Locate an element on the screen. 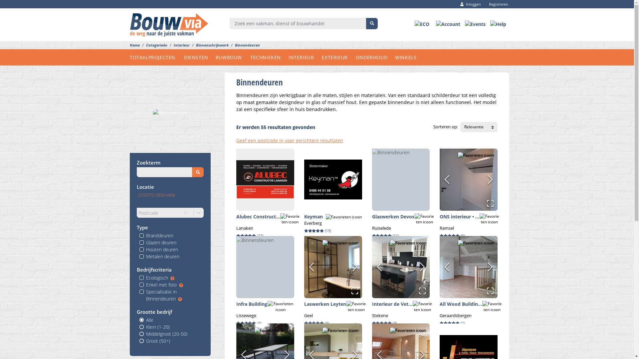 This screenshot has width=639, height=359. 'Interieur' is located at coordinates (167, 45).